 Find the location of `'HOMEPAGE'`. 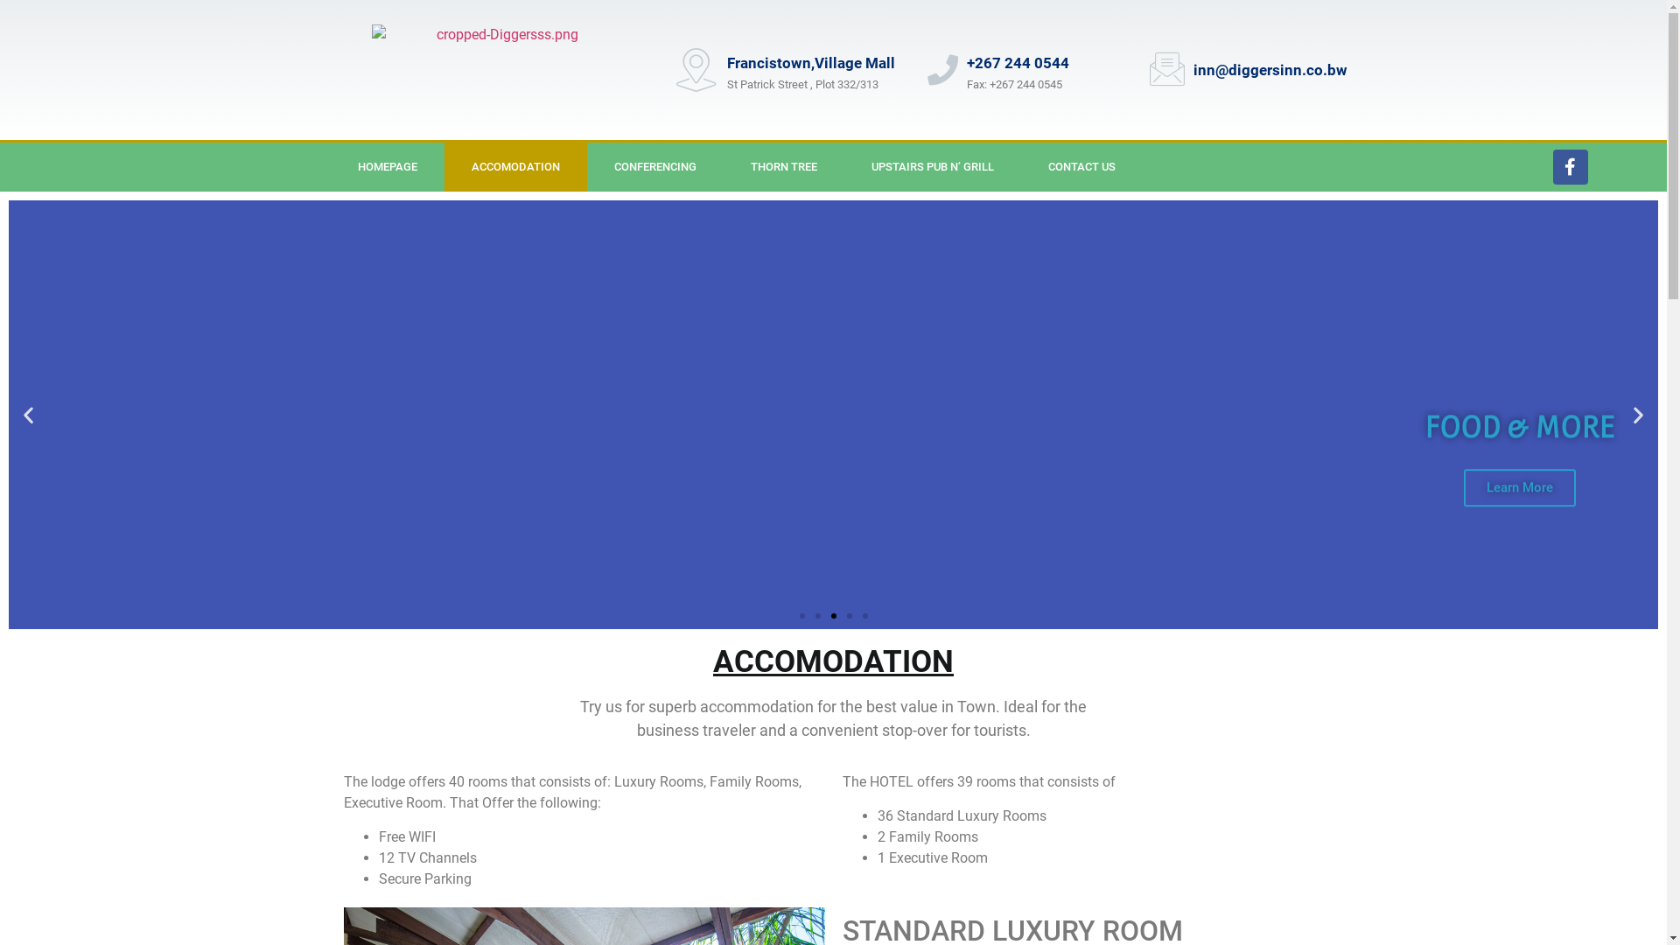

'HOMEPAGE' is located at coordinates (386, 167).